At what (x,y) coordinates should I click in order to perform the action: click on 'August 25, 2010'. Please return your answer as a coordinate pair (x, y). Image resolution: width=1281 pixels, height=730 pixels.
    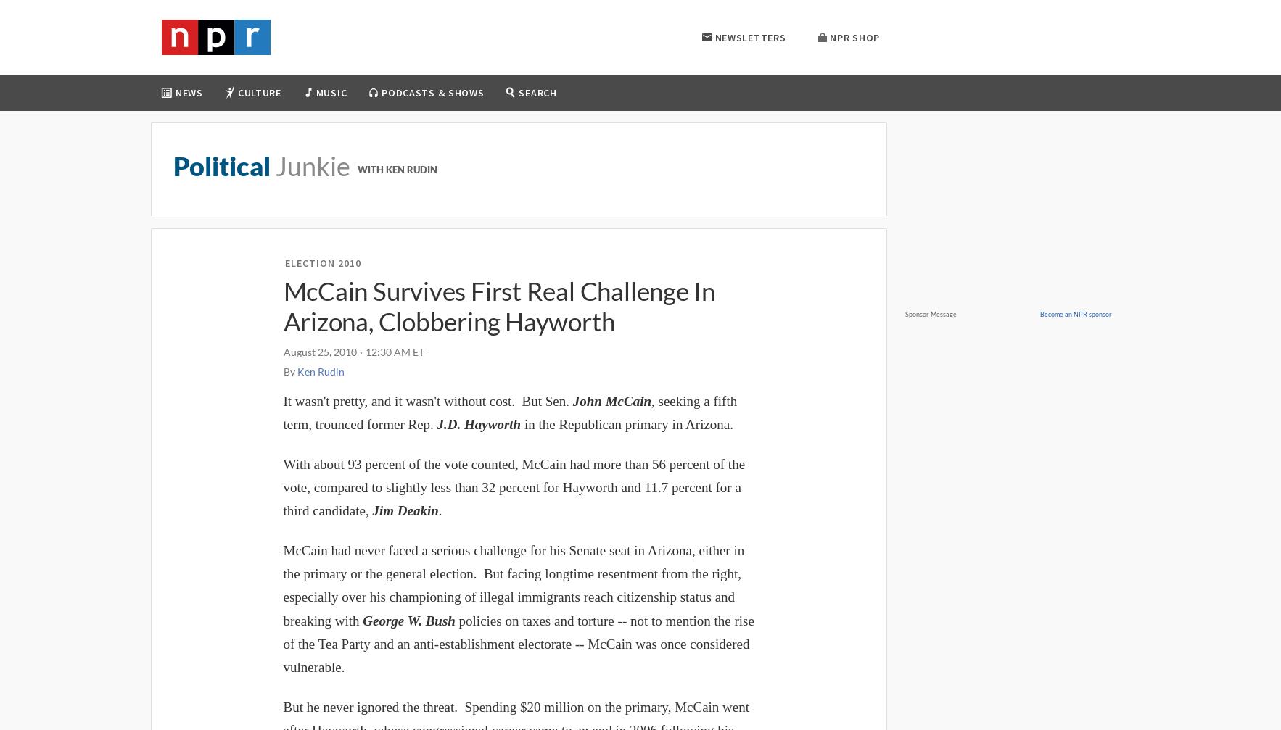
    Looking at the image, I should click on (318, 352).